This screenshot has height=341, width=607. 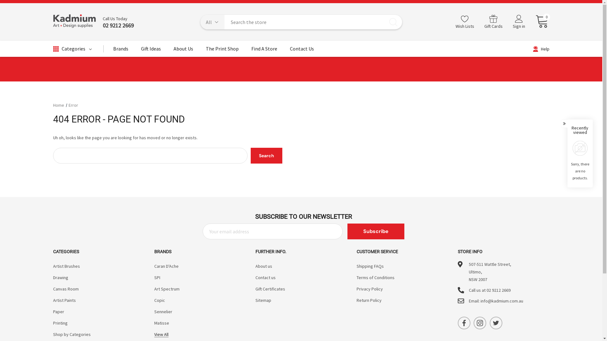 I want to click on 'Copic', so click(x=154, y=300).